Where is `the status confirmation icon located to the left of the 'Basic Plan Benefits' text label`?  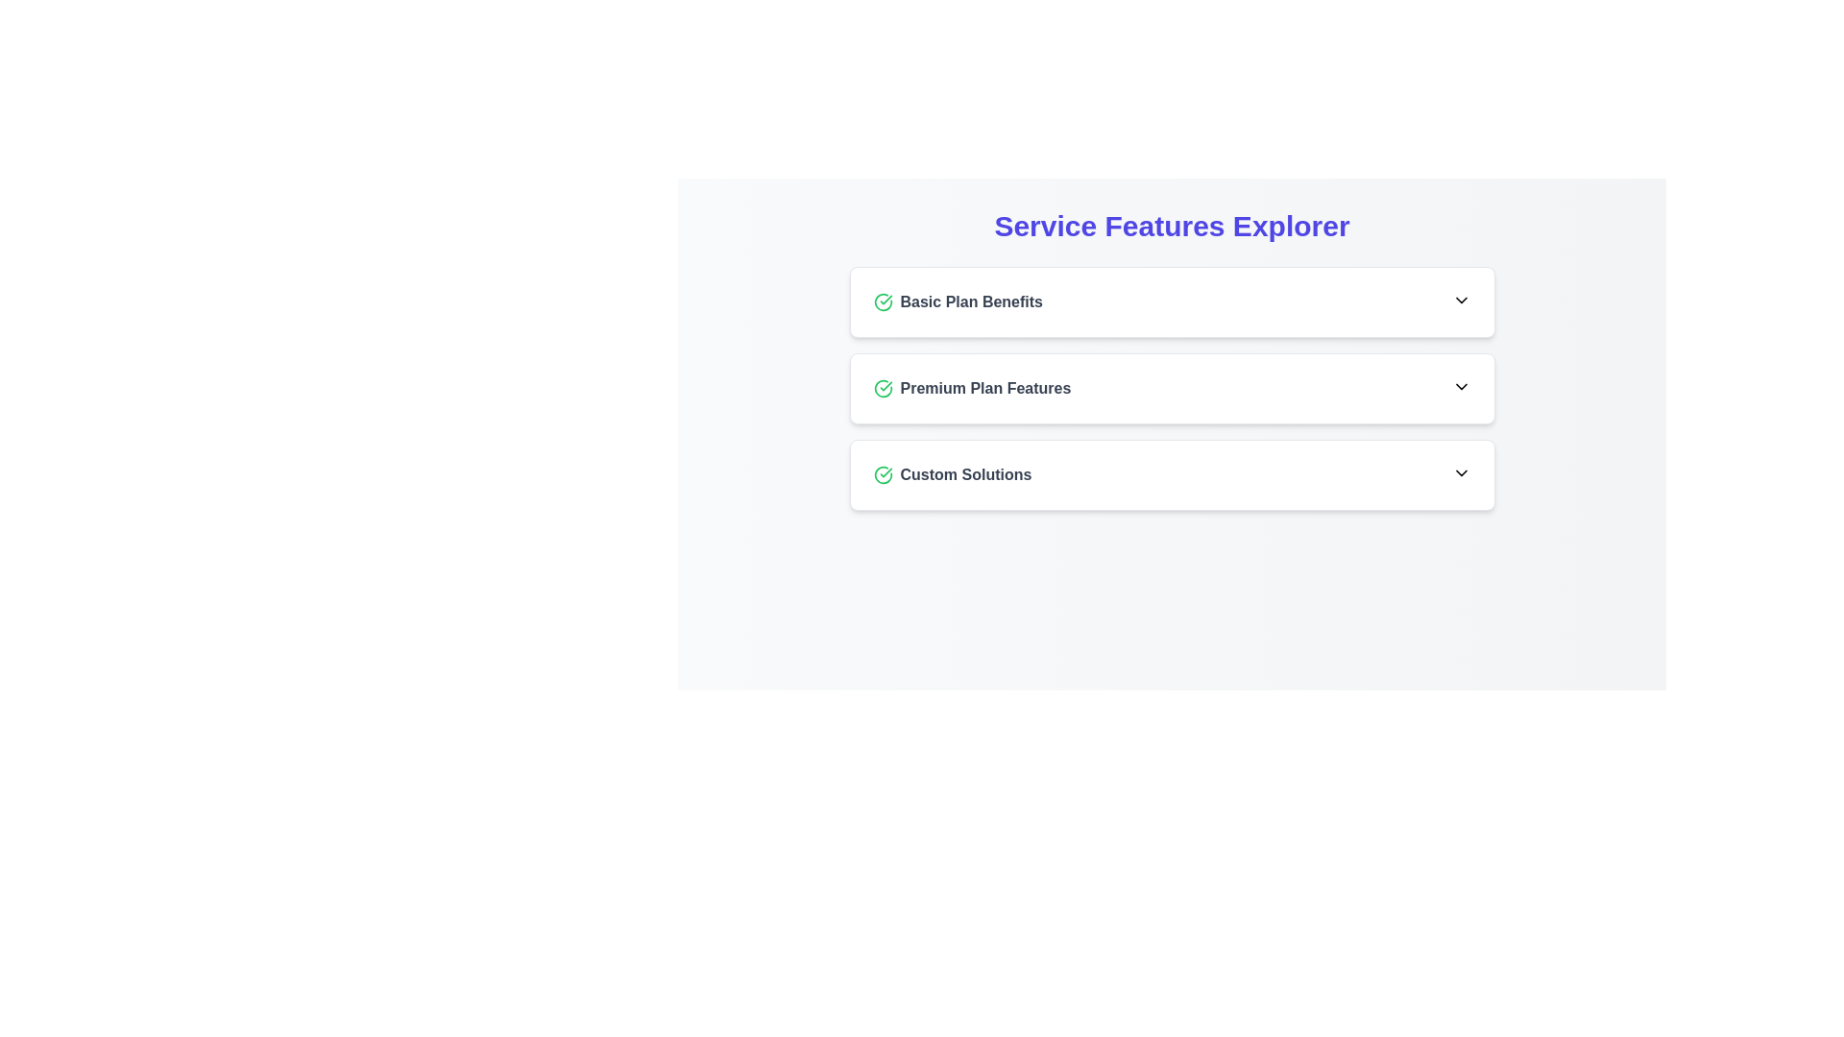 the status confirmation icon located to the left of the 'Basic Plan Benefits' text label is located at coordinates (882, 302).